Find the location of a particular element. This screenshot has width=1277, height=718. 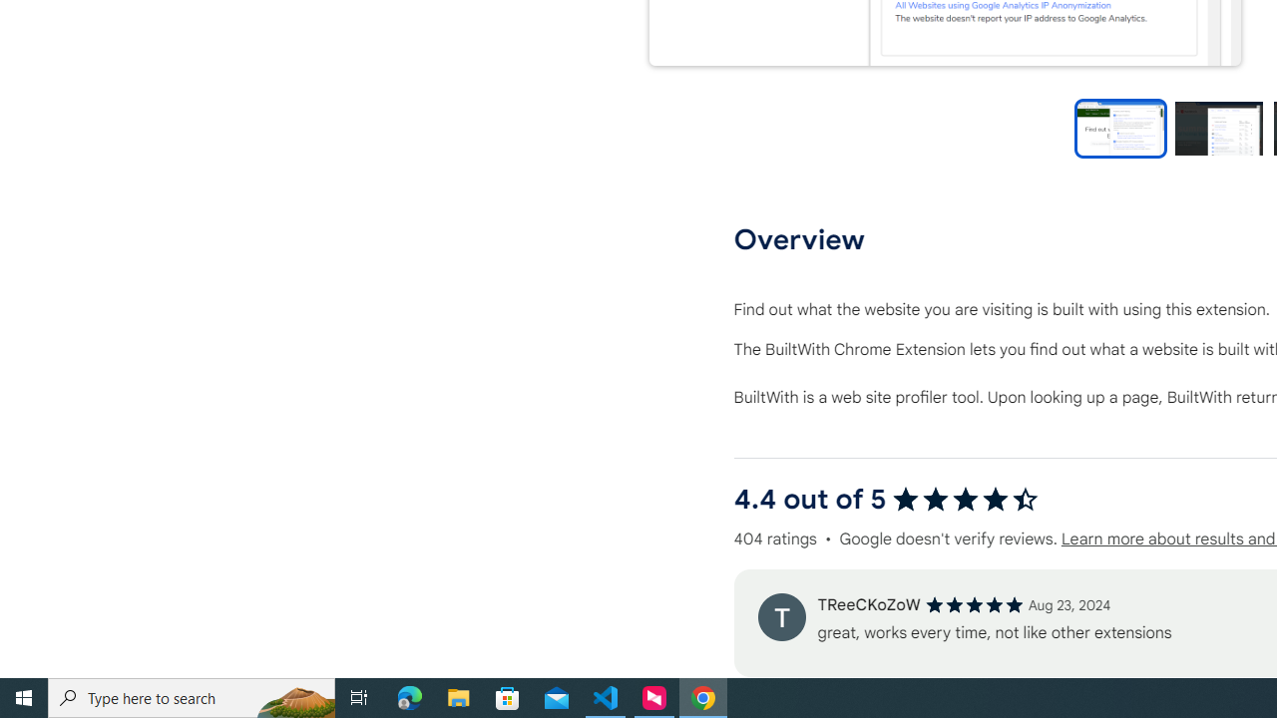

'Review' is located at coordinates (780, 615).